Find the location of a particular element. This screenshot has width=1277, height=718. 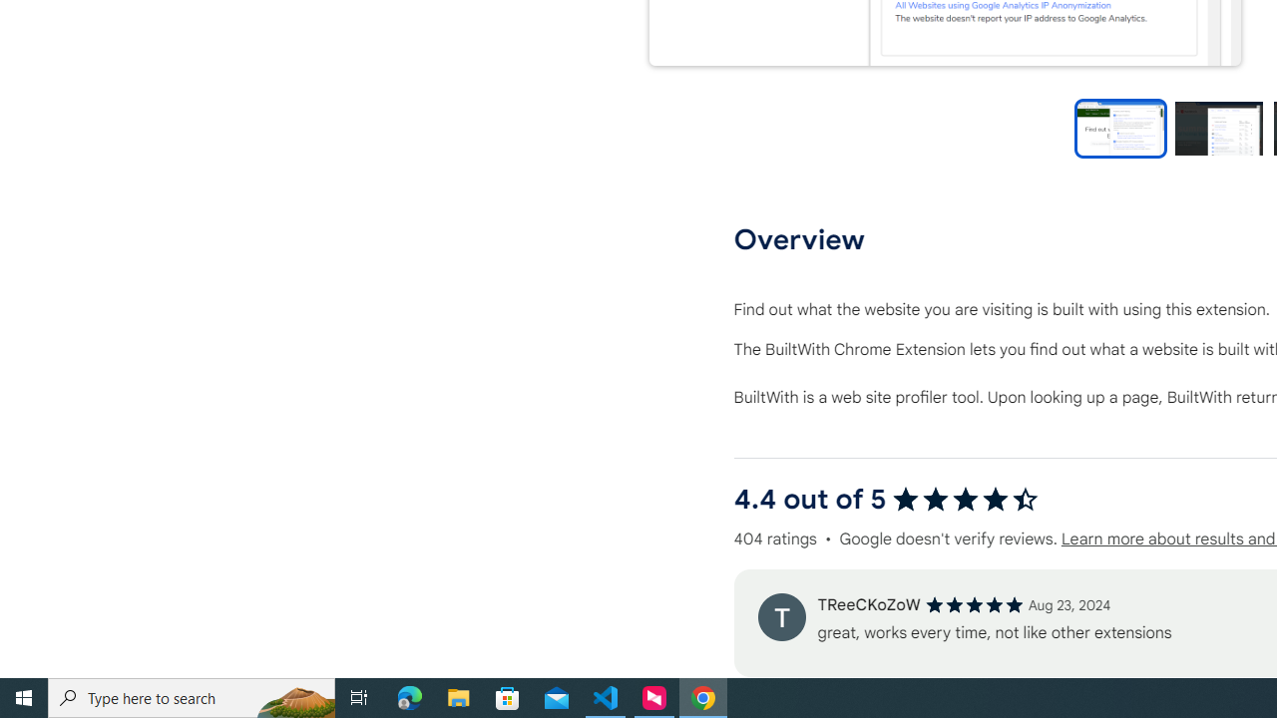

'Review' is located at coordinates (780, 615).